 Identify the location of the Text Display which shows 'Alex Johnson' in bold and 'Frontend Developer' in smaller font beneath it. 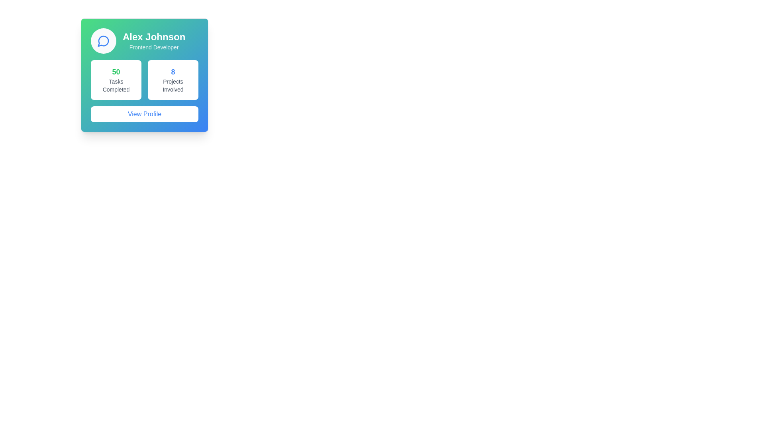
(154, 41).